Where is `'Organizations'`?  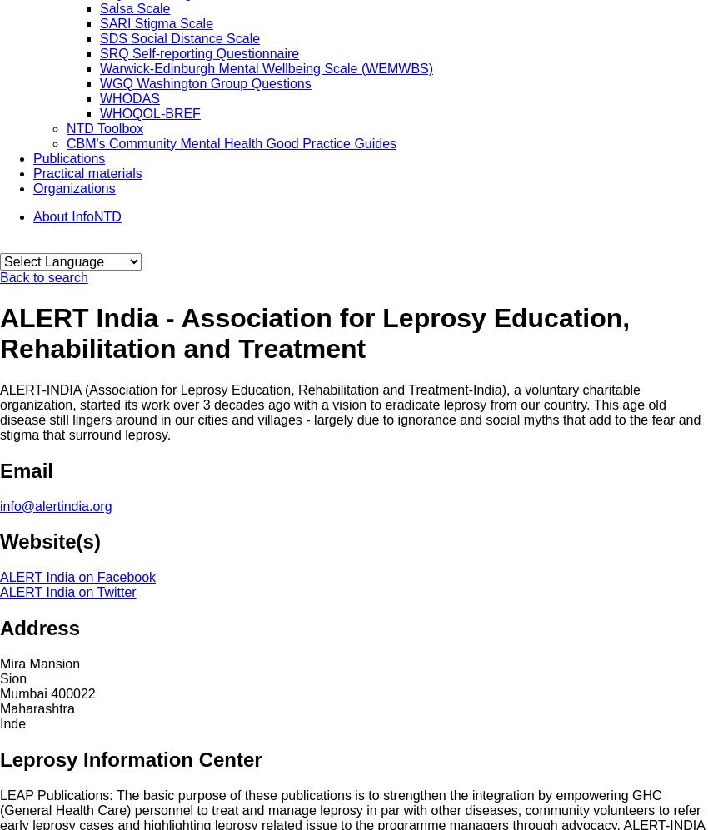 'Organizations' is located at coordinates (72, 187).